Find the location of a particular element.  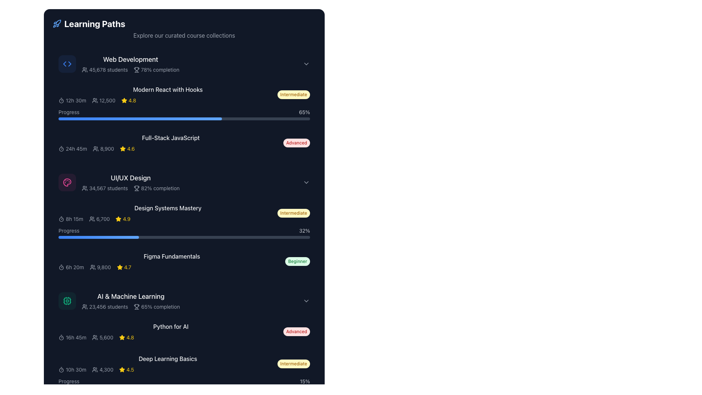

the display text showing 'Progress' with the percentage '15%' for the 'Deep Learning Basics' item in the Learning Paths interface is located at coordinates (184, 381).